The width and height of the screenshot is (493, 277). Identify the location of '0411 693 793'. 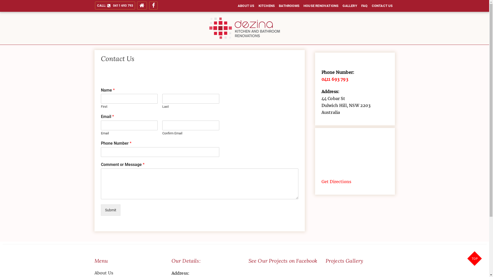
(335, 79).